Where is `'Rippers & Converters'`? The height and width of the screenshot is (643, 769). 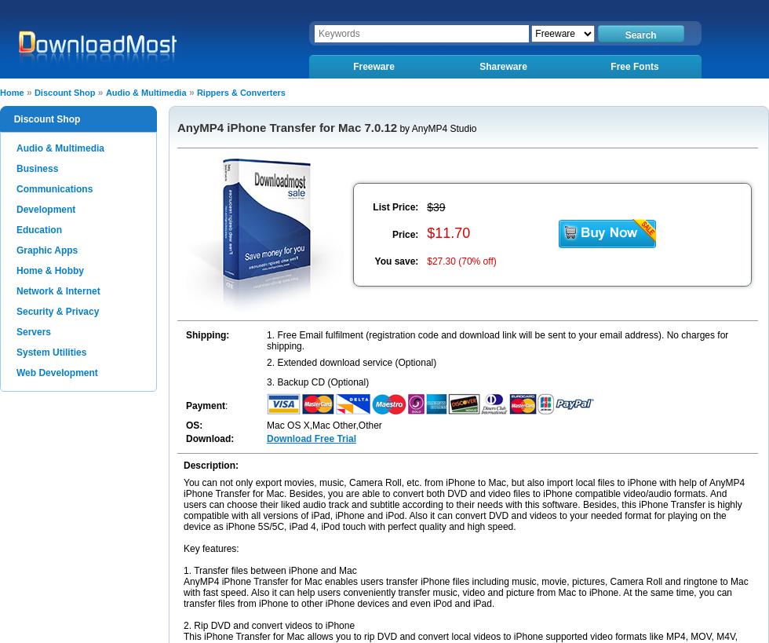 'Rippers & Converters' is located at coordinates (240, 92).